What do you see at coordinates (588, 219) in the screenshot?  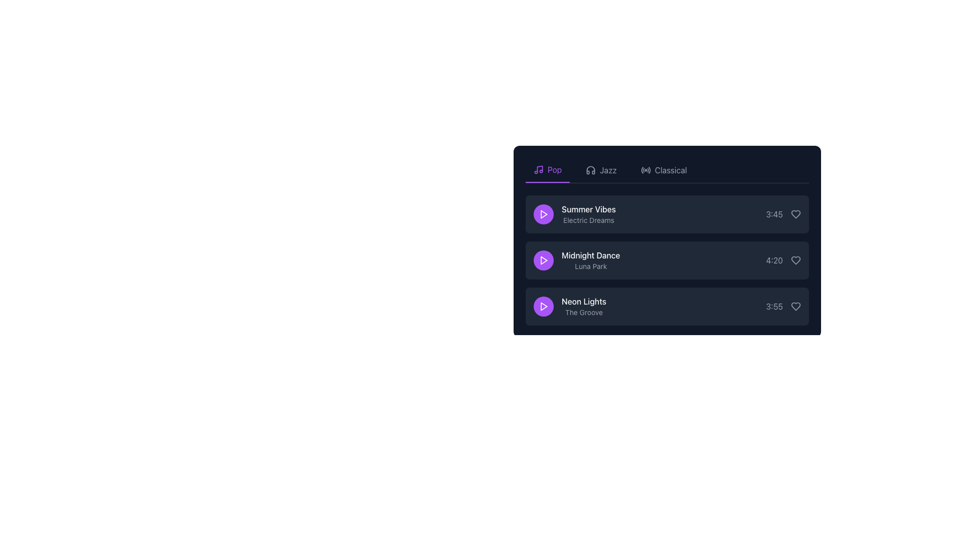 I see `the static text label displaying 'Electric Dreams', located beneath the bolded text 'Summer Vibes' in the music track list` at bounding box center [588, 219].